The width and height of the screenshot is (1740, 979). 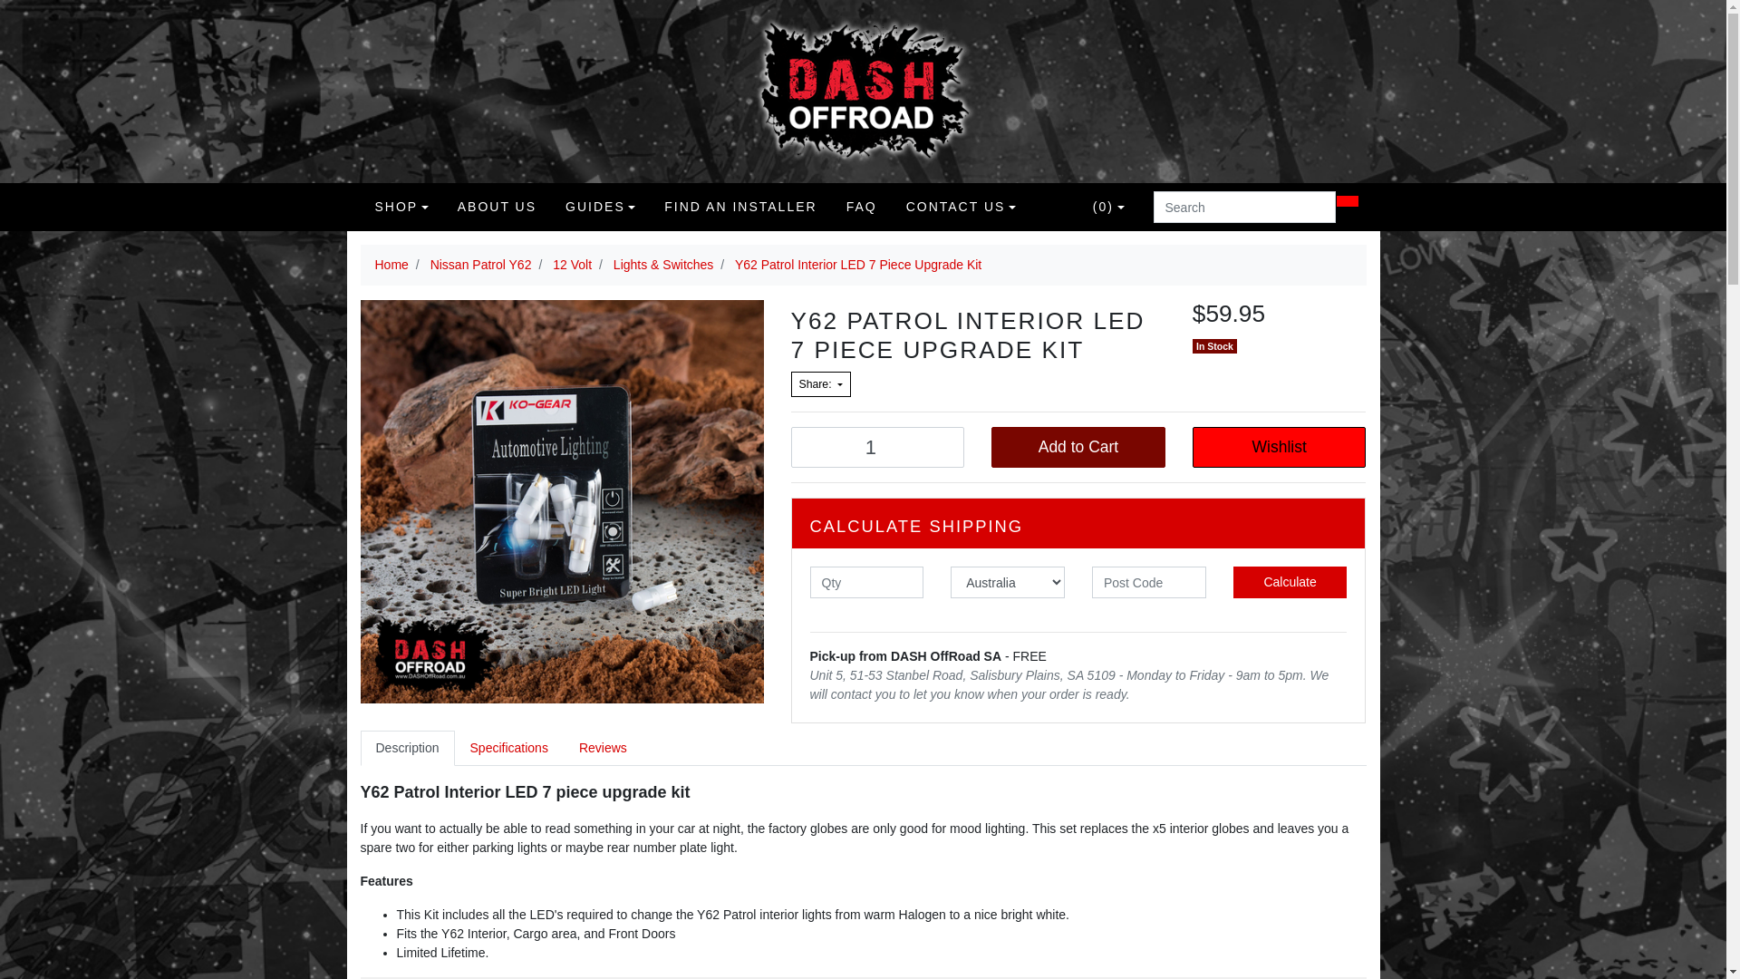 What do you see at coordinates (861, 91) in the screenshot?
I see `'DASH OffRoad'` at bounding box center [861, 91].